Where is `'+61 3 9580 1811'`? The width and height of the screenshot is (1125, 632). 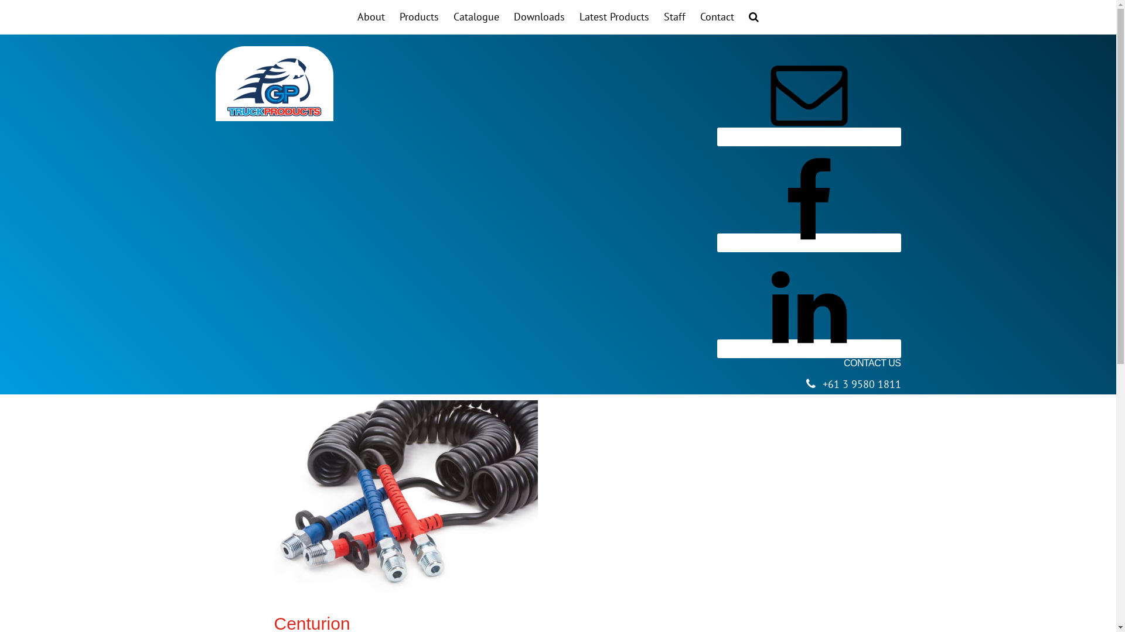 '+61 3 9580 1811' is located at coordinates (861, 384).